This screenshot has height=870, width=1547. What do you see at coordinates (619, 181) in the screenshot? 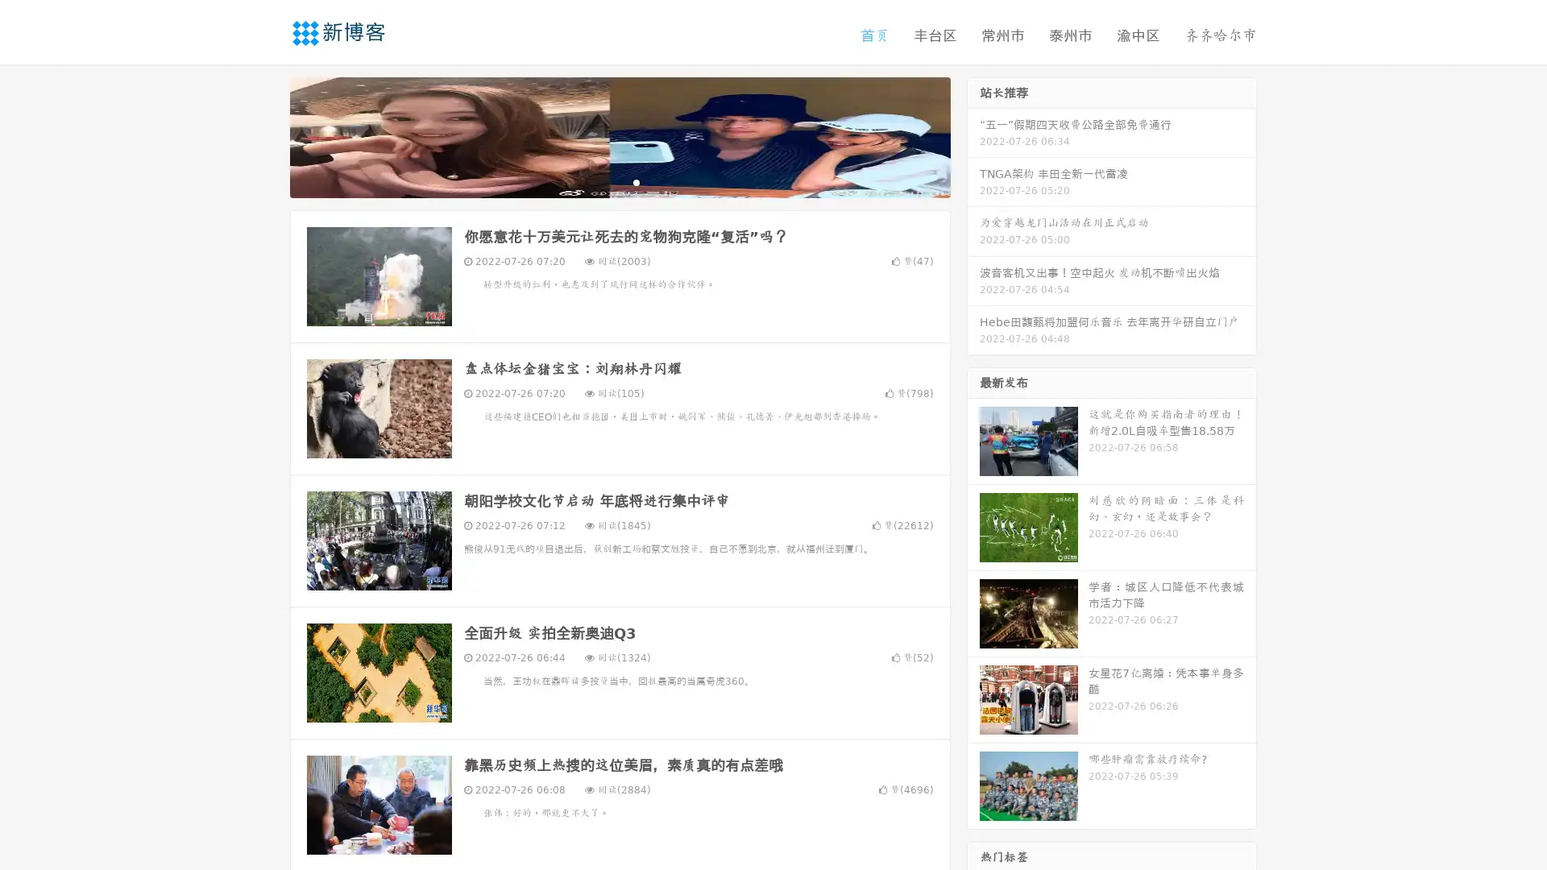
I see `Go to slide 2` at bounding box center [619, 181].